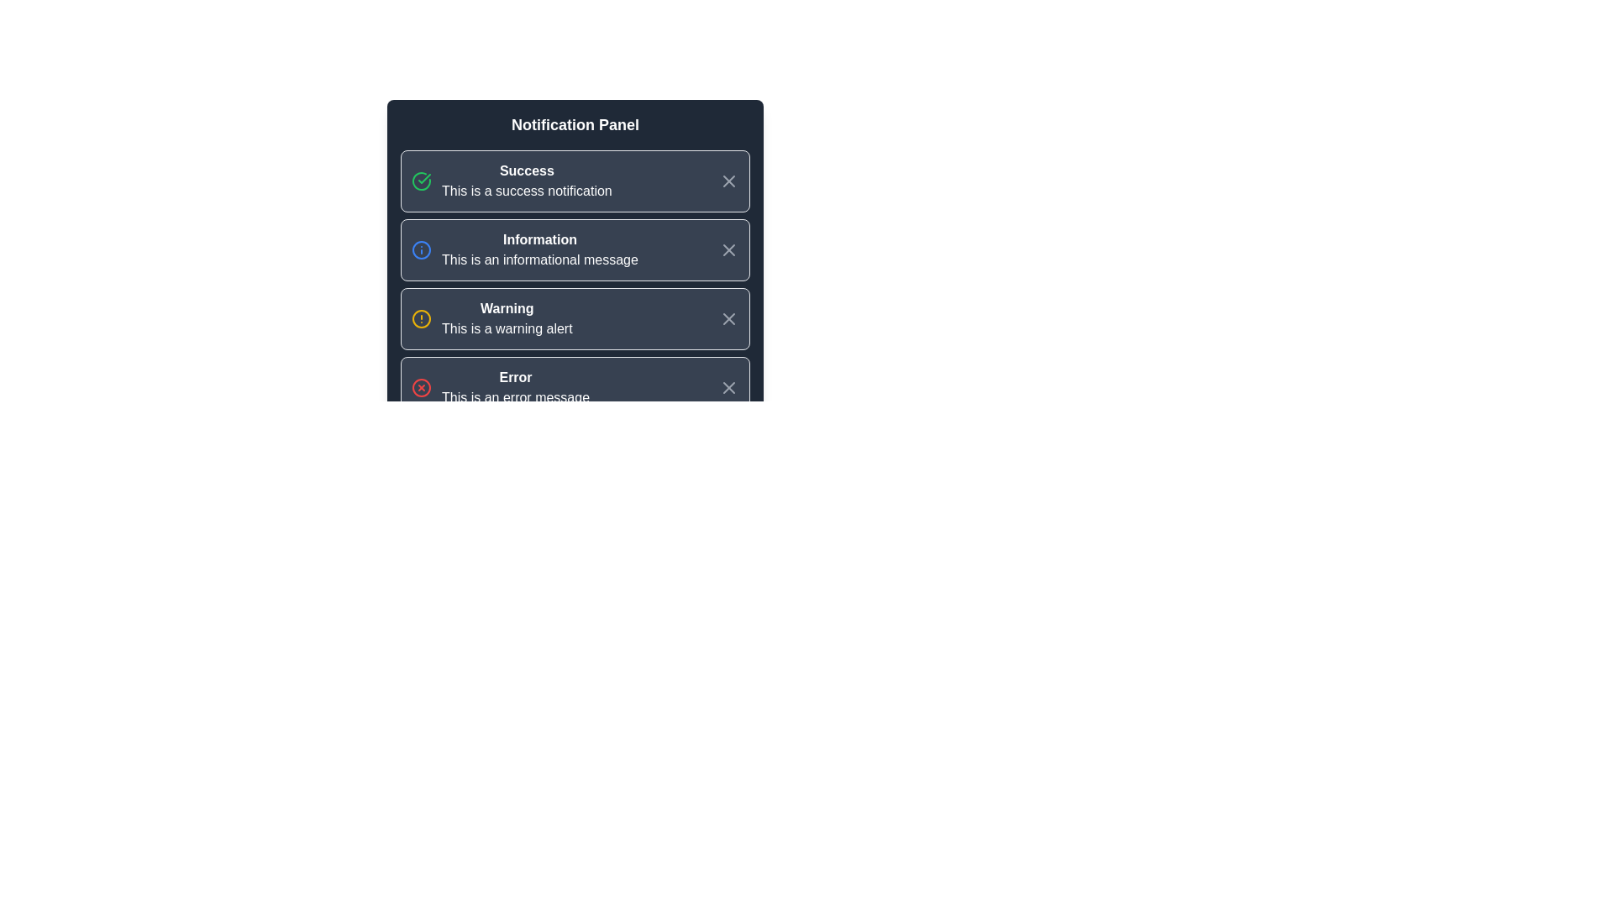 The image size is (1613, 907). I want to click on warning message displayed in the text block of the notification component, which is centrally located in the third row of the notification panel, so click(506, 319).